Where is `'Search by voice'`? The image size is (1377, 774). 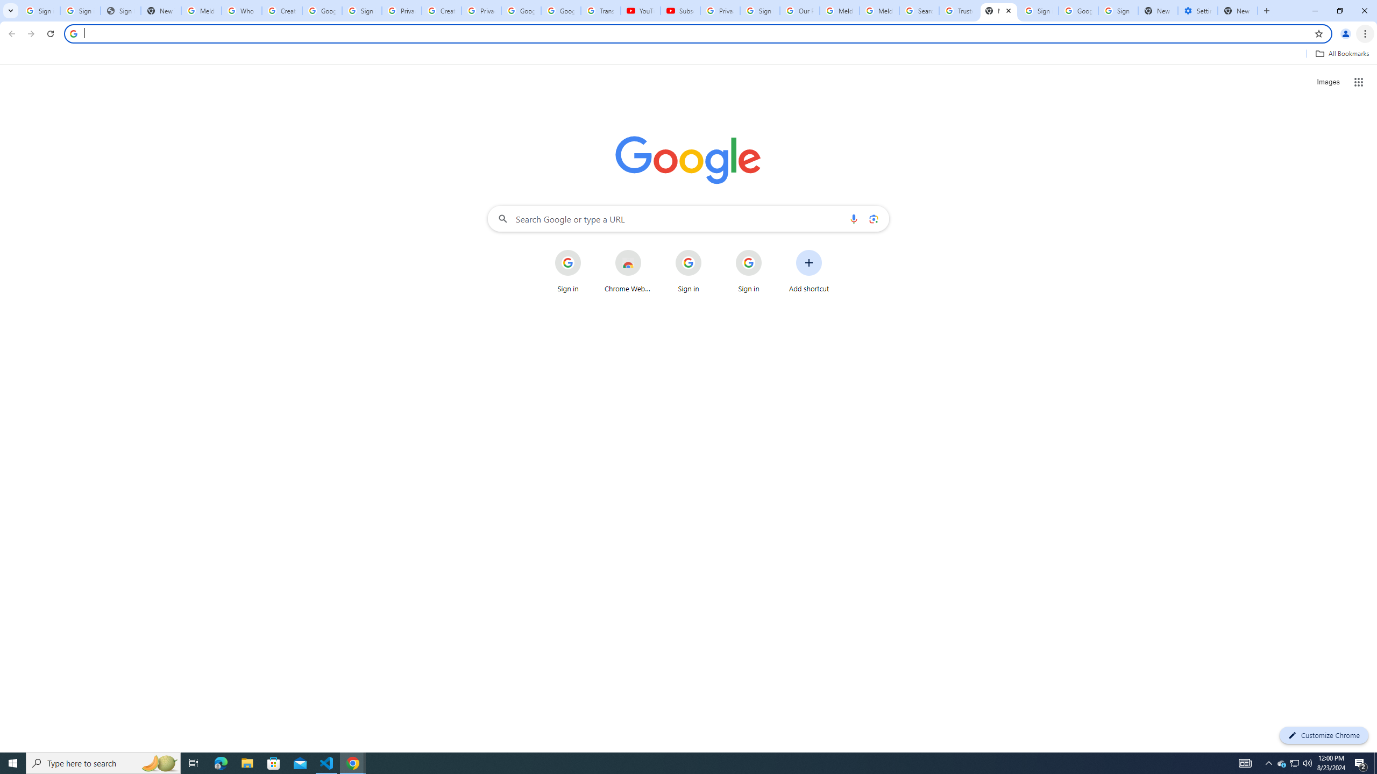 'Search by voice' is located at coordinates (853, 218).